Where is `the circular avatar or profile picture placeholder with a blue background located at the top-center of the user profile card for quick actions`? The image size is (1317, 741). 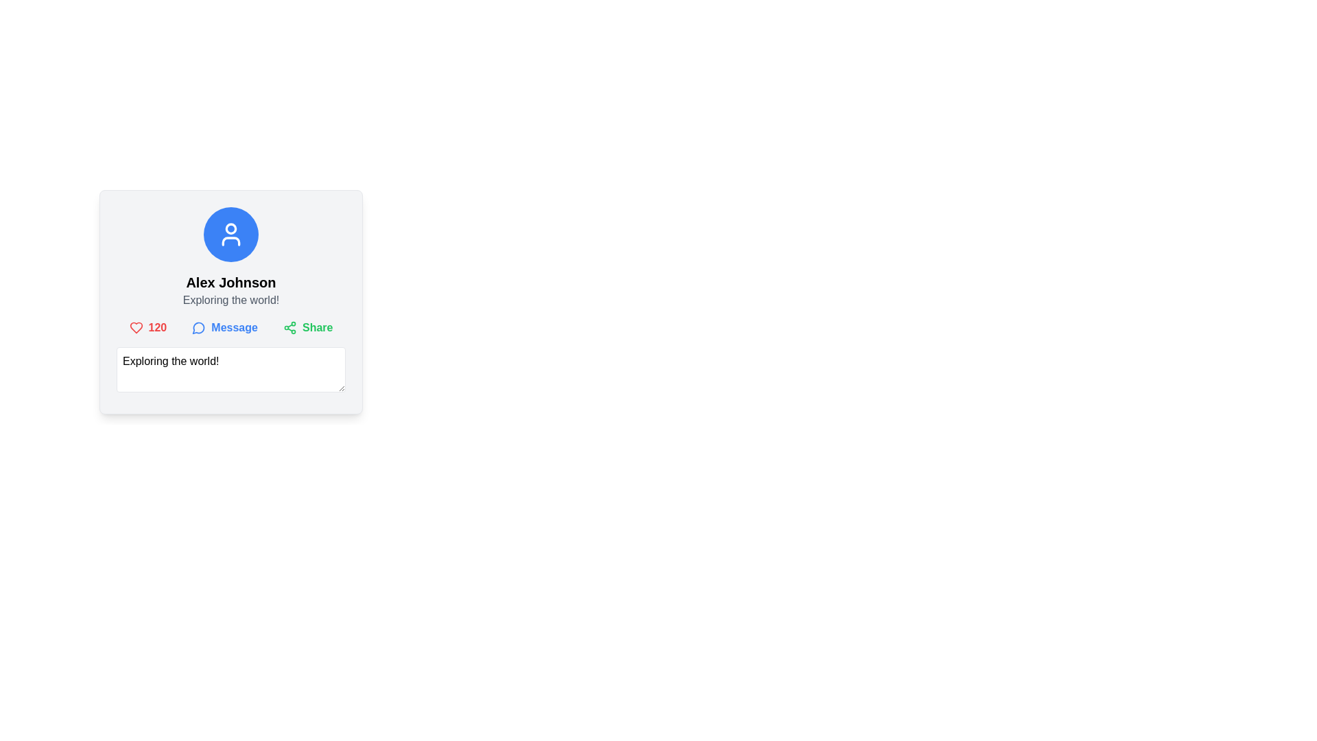
the circular avatar or profile picture placeholder with a blue background located at the top-center of the user profile card for quick actions is located at coordinates (230, 234).